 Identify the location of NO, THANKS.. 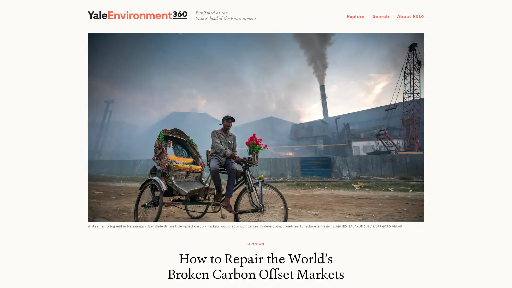
(255, 183).